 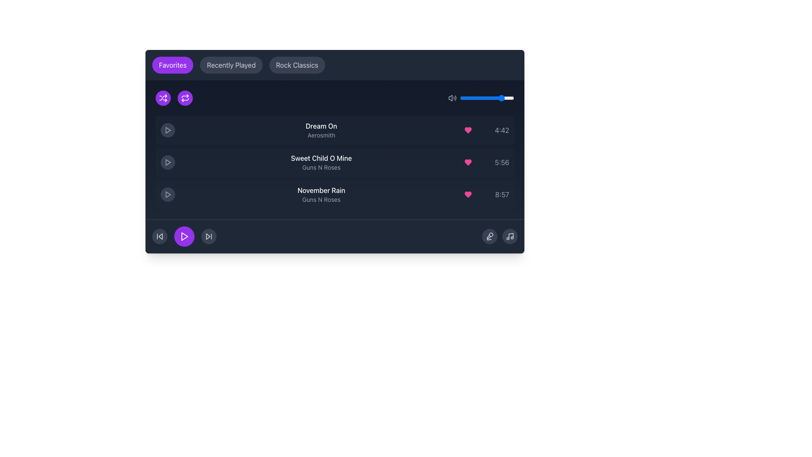 What do you see at coordinates (184, 97) in the screenshot?
I see `the circular repeat icon button with a white repeat symbol on a purple background` at bounding box center [184, 97].